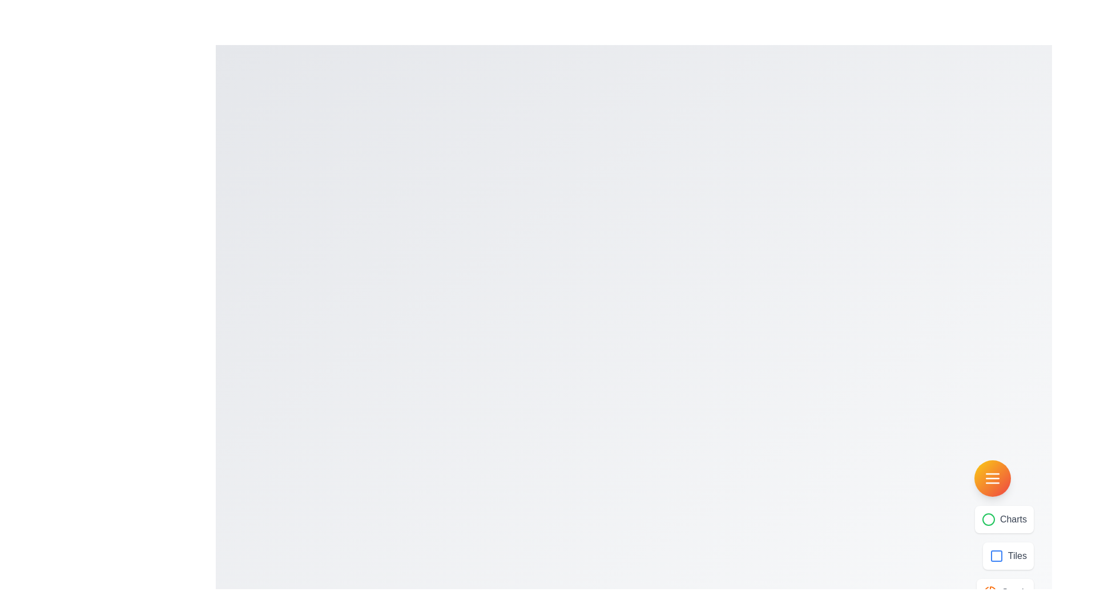 This screenshot has width=1096, height=616. I want to click on the menu option icon corresponding to Tiles, so click(996, 556).